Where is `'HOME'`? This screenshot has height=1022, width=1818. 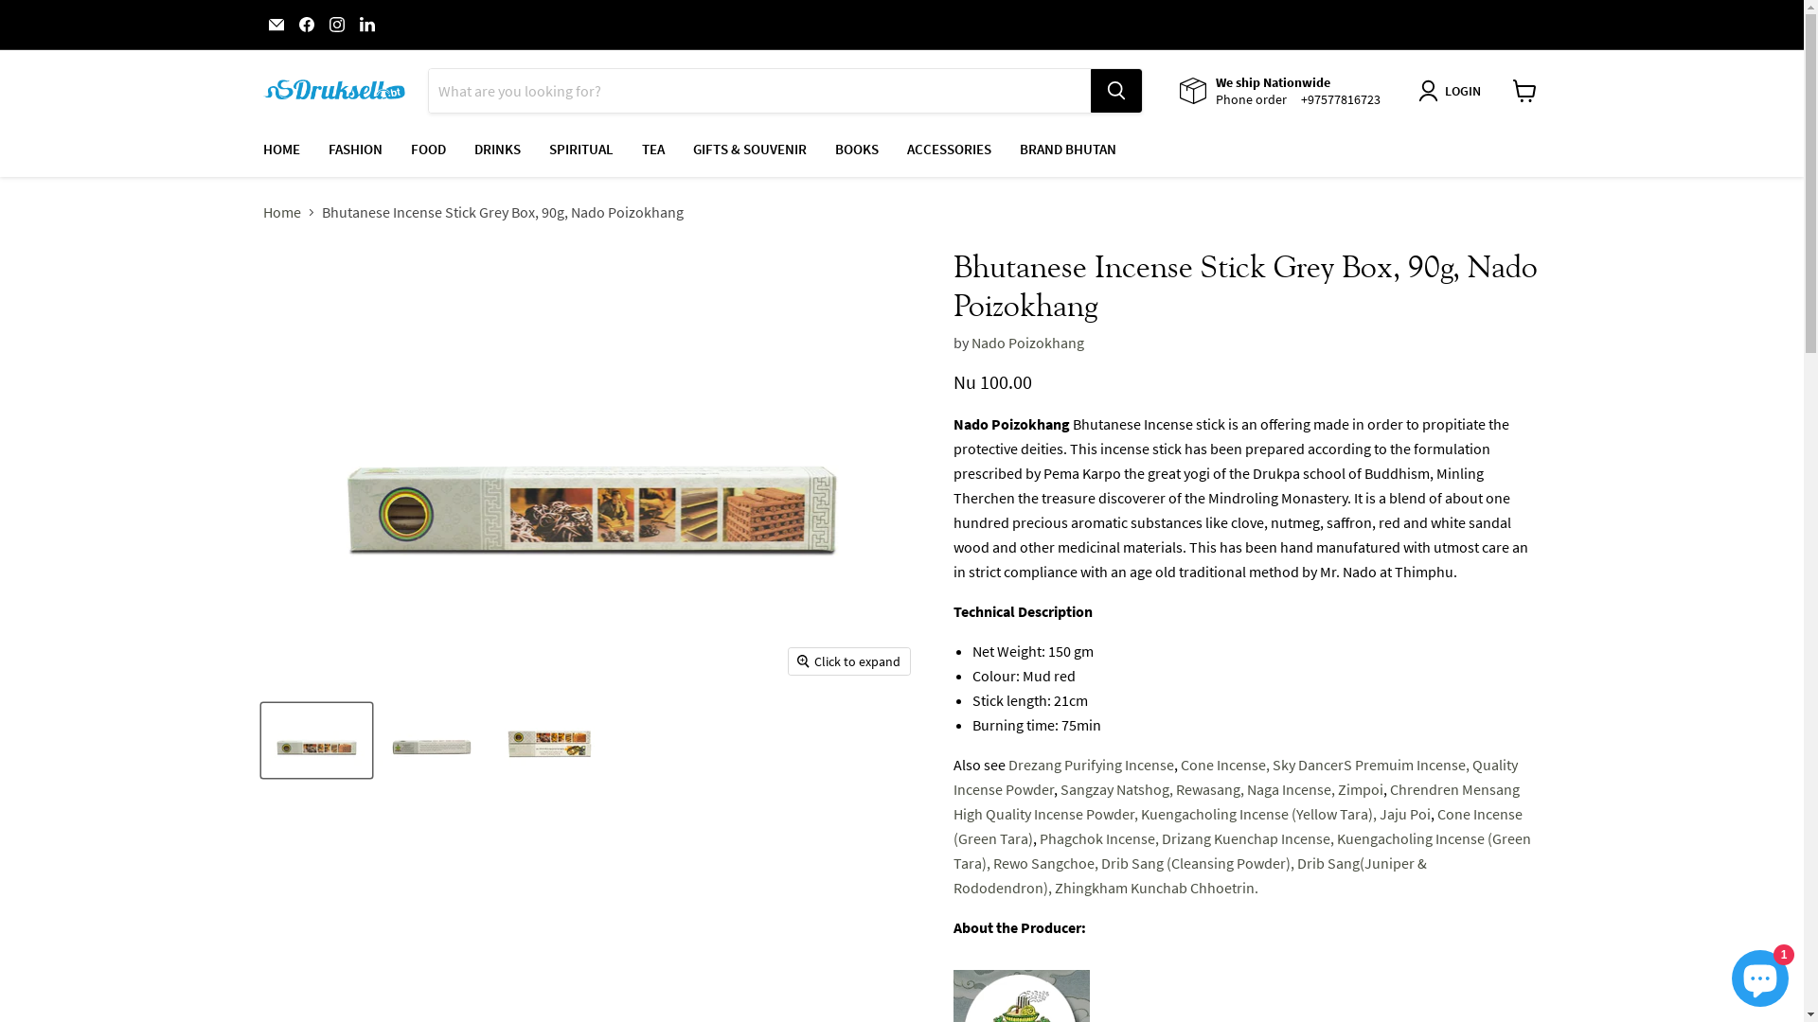 'HOME' is located at coordinates (279, 149).